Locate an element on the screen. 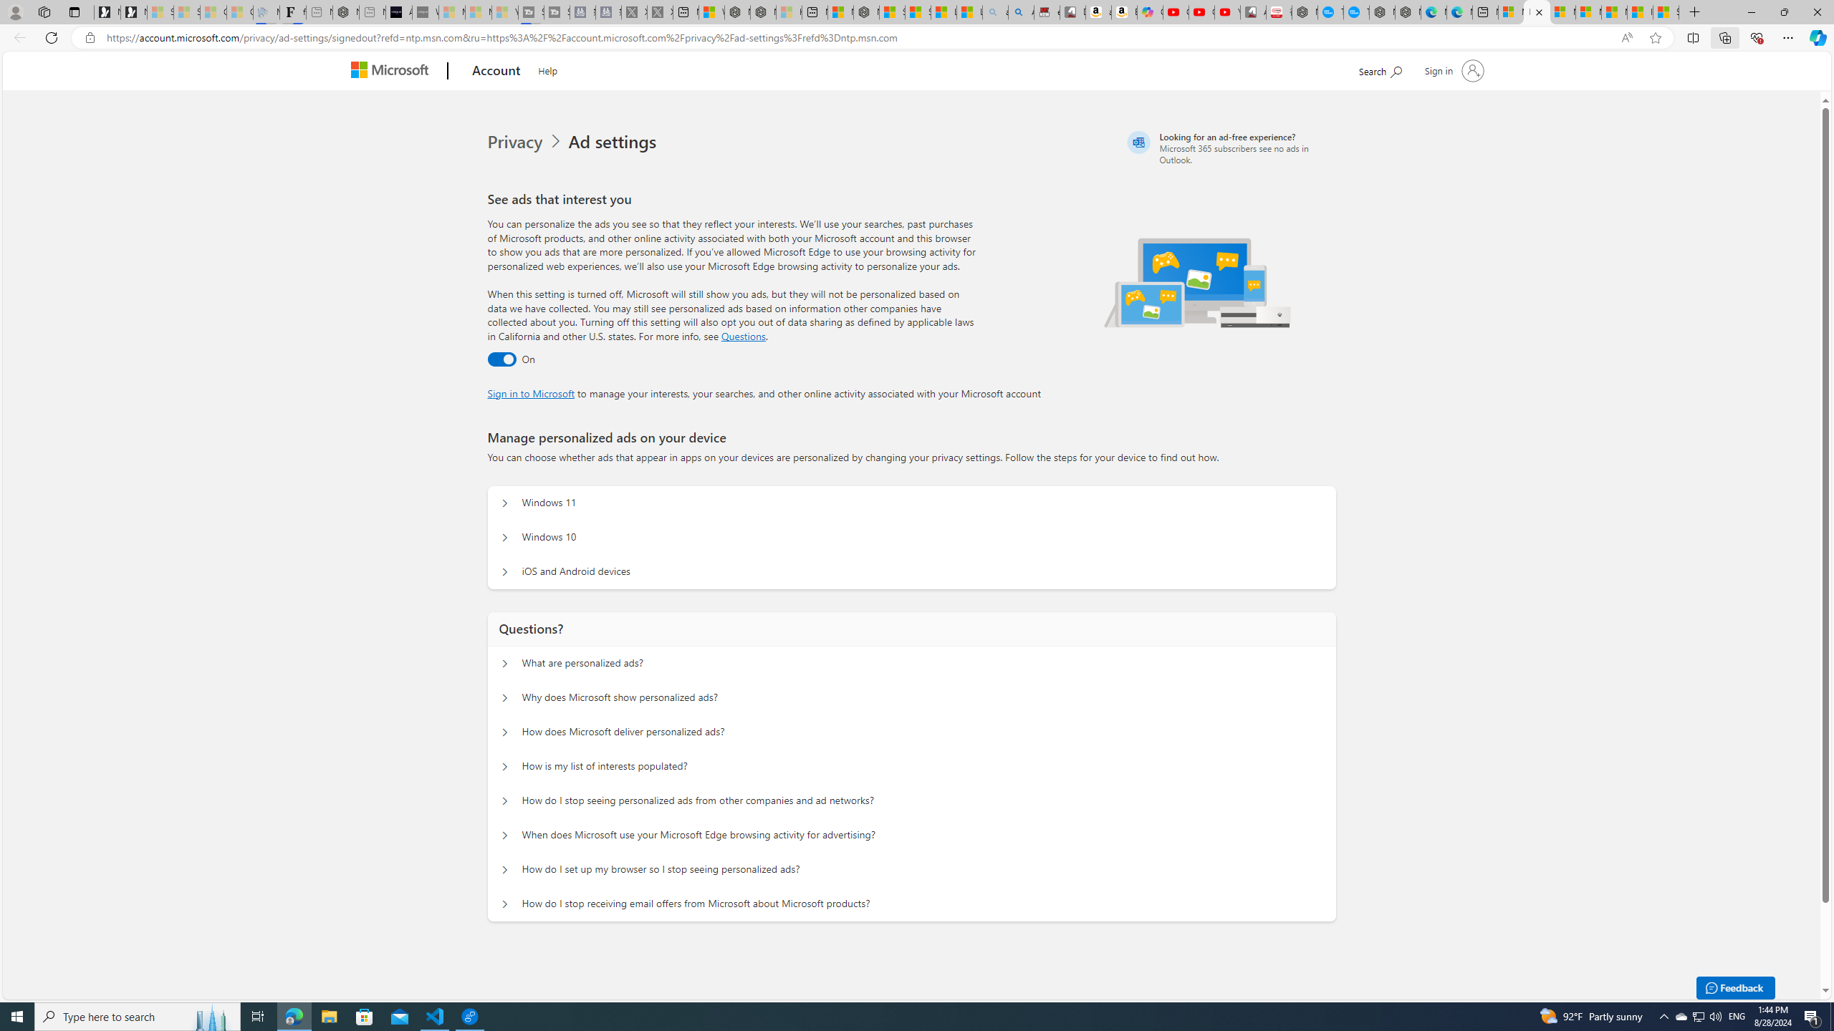 Image resolution: width=1834 pixels, height=1031 pixels. 'Looking for an ad-free experience?' is located at coordinates (1229, 147).